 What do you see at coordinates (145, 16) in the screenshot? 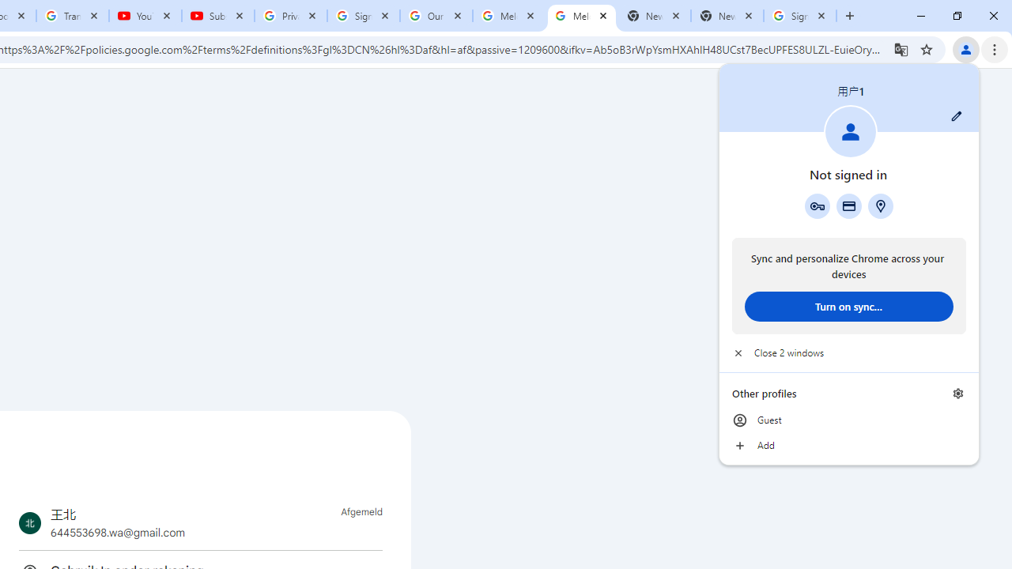
I see `'YouTube'` at bounding box center [145, 16].